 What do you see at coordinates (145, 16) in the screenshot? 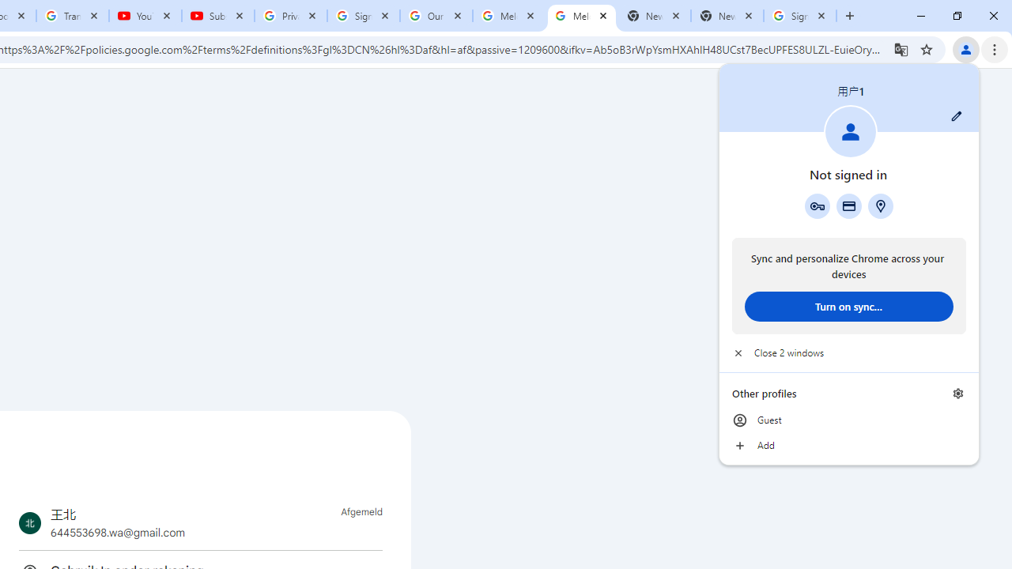
I see `'YouTube'` at bounding box center [145, 16].